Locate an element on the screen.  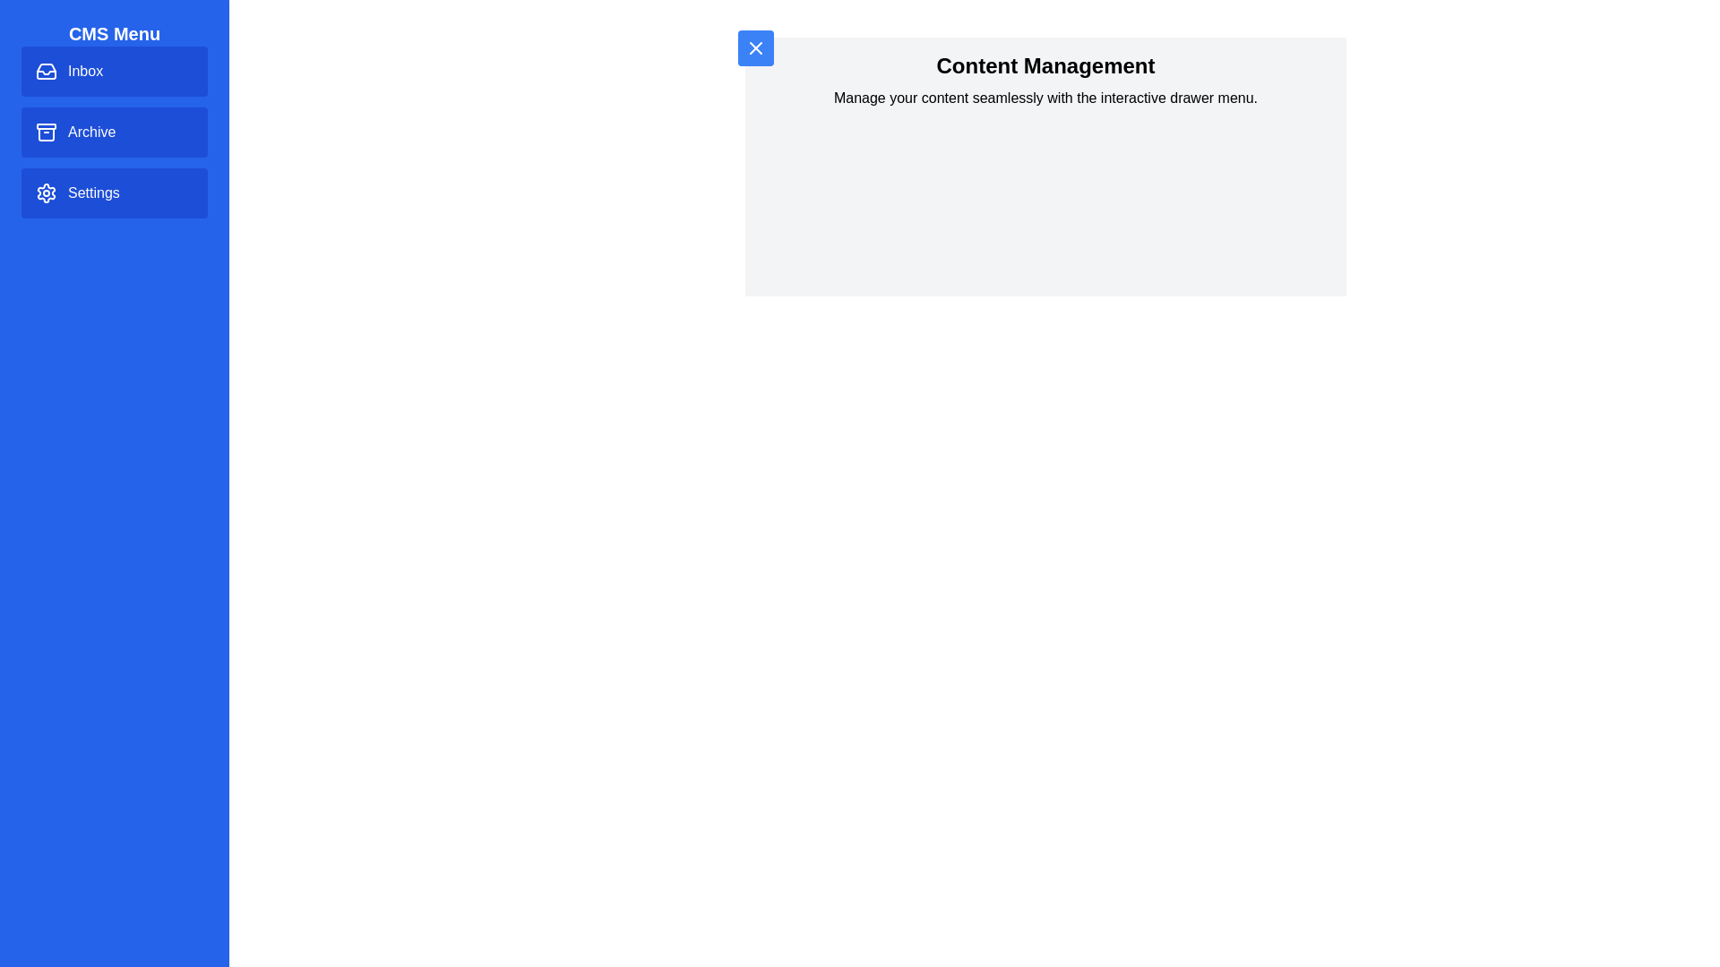
the menu item Settings from the drawer is located at coordinates (114, 193).